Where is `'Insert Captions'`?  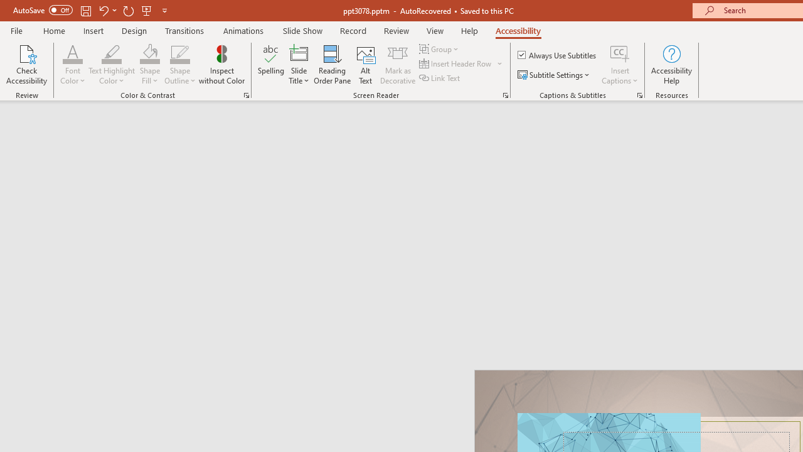
'Insert Captions' is located at coordinates (620, 65).